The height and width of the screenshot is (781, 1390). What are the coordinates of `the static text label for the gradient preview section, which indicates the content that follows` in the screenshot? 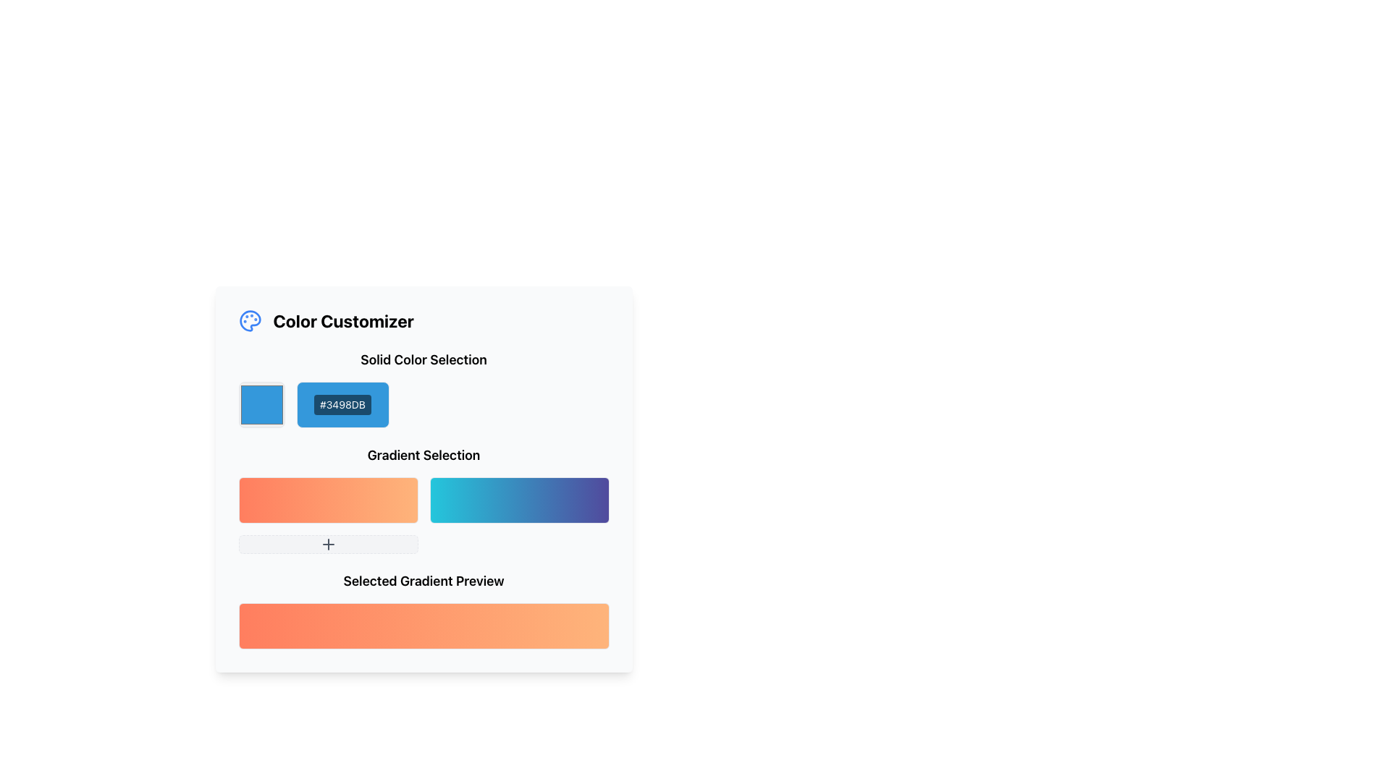 It's located at (423, 580).